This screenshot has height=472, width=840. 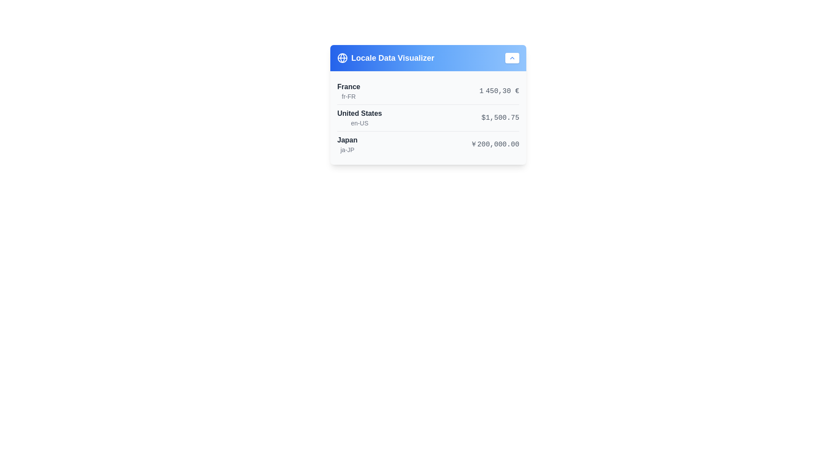 What do you see at coordinates (342, 58) in the screenshot?
I see `the global or international context icon located on the far-left side of the header section containing the 'Locale Data Visualizer' text` at bounding box center [342, 58].